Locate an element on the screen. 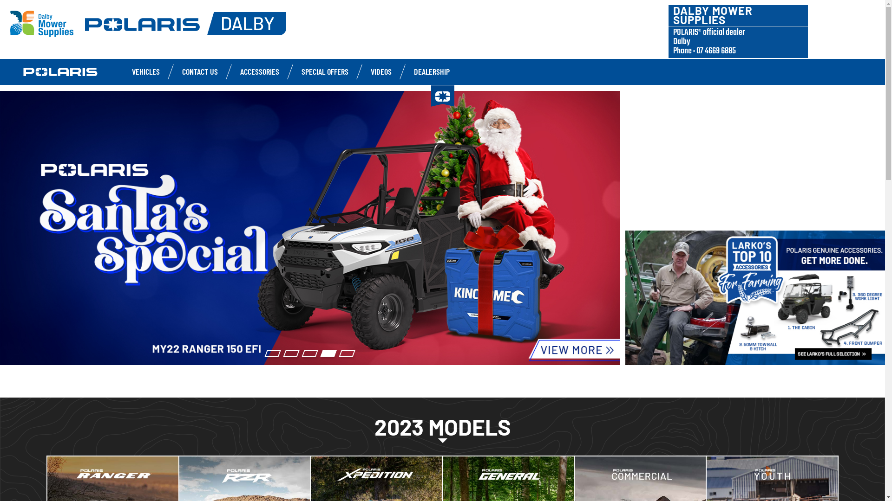 The height and width of the screenshot is (501, 892). '4' is located at coordinates (328, 353).